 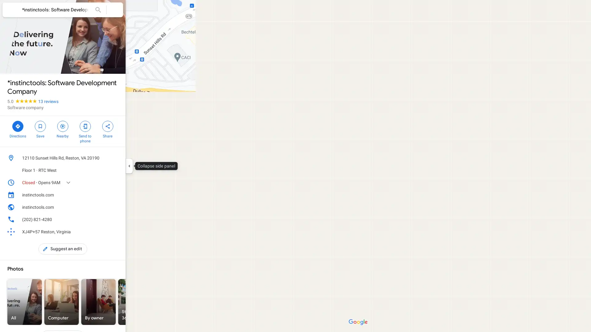 I want to click on Call phone number, so click(x=115, y=219).